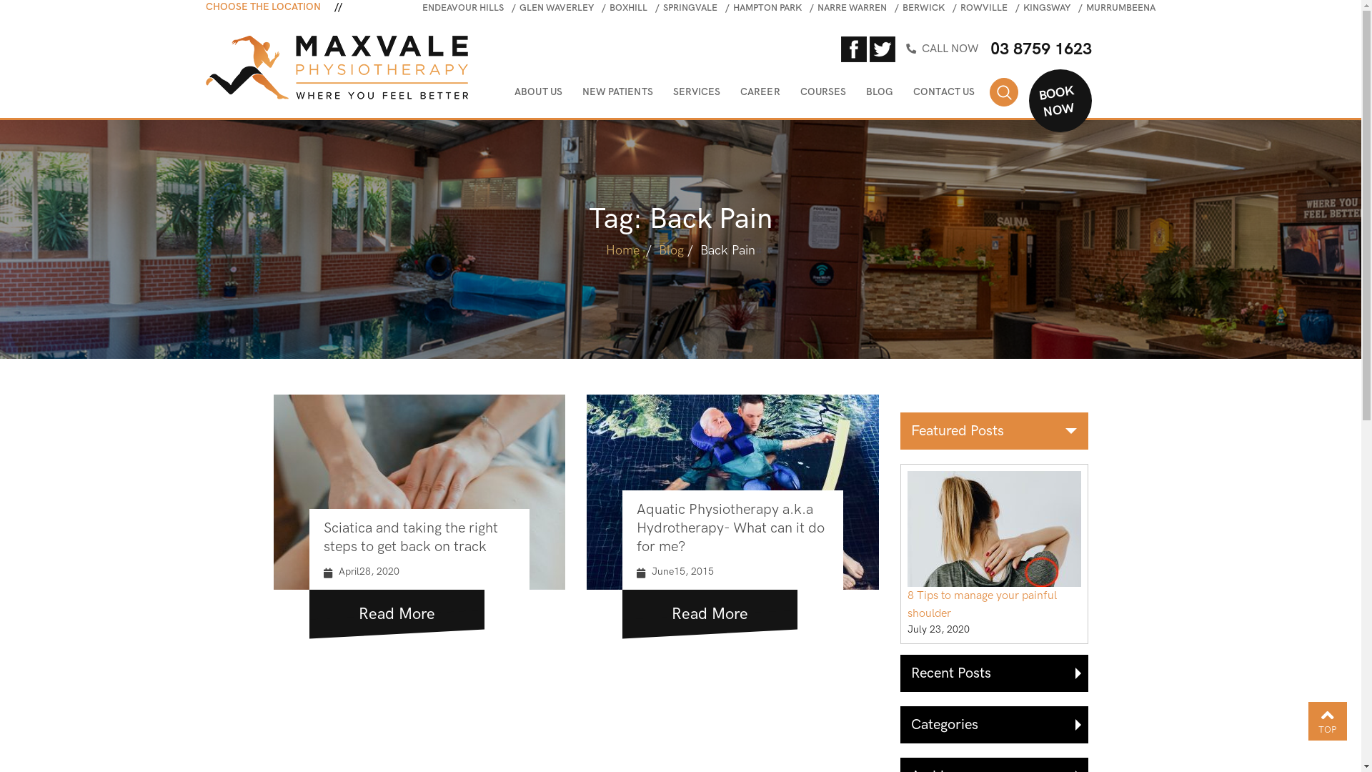  What do you see at coordinates (994, 553) in the screenshot?
I see `'8 Tips to manage your painful shoulder` at bounding box center [994, 553].